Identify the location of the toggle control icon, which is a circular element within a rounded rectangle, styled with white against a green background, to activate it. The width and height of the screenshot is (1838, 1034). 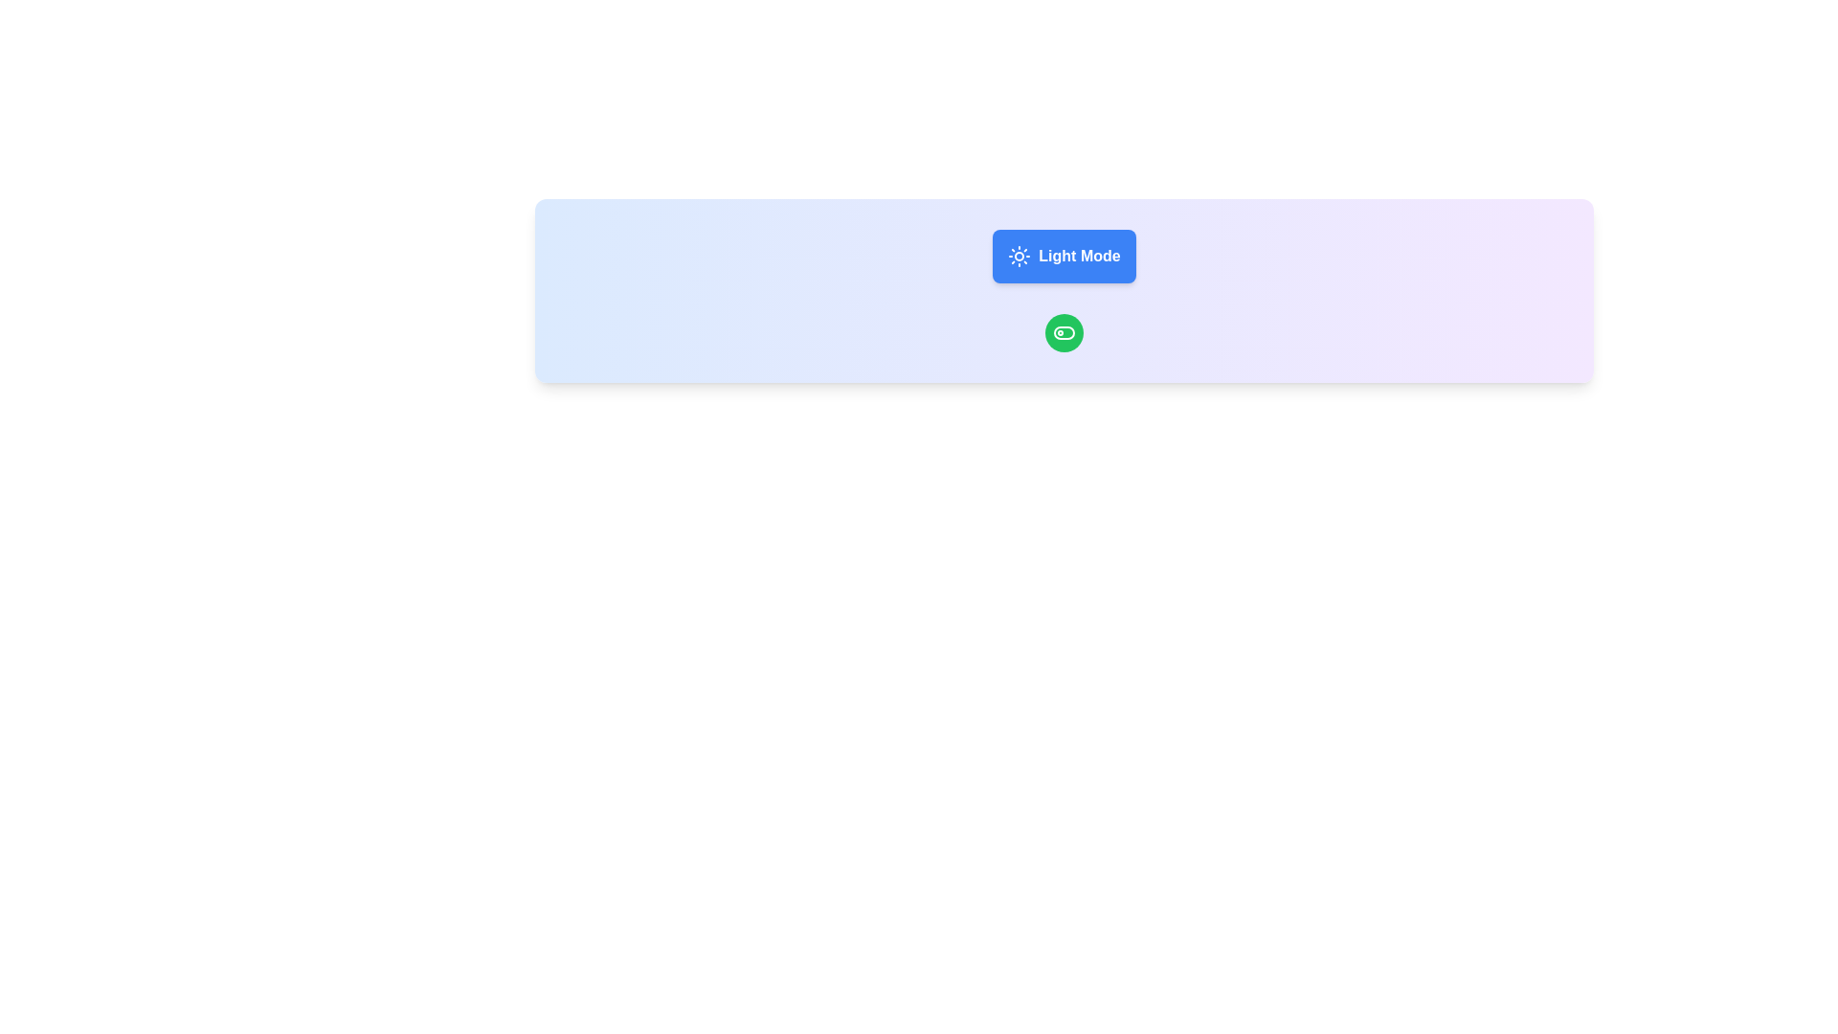
(1064, 331).